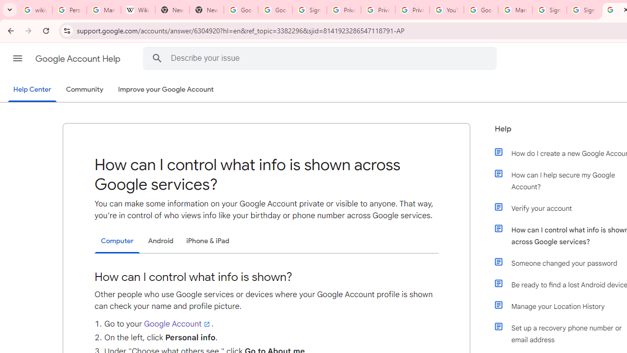 This screenshot has width=627, height=353. Describe the element at coordinates (157, 58) in the screenshot. I see `'Search Help Center'` at that location.